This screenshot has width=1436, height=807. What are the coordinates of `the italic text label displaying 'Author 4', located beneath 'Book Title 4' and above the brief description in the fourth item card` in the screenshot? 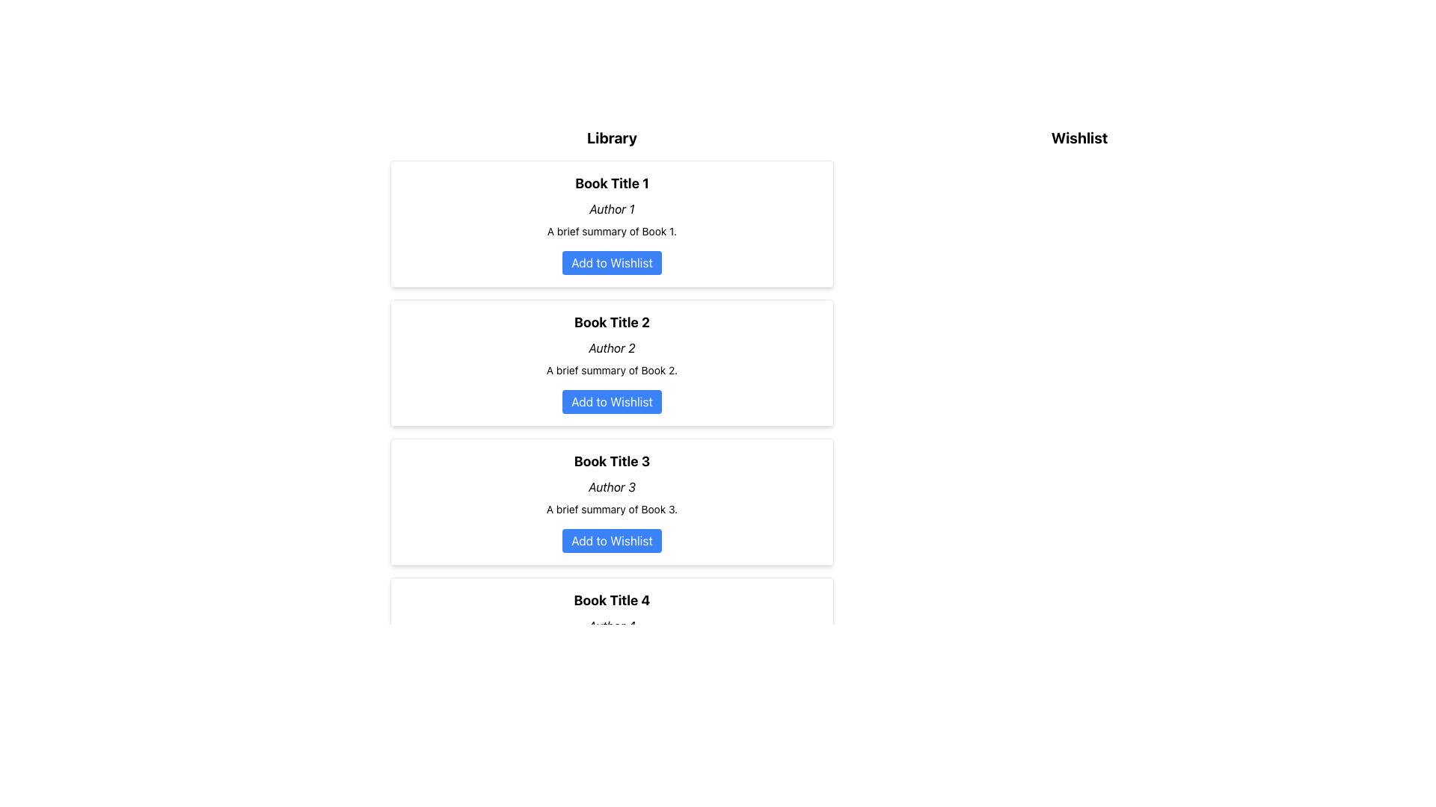 It's located at (612, 625).